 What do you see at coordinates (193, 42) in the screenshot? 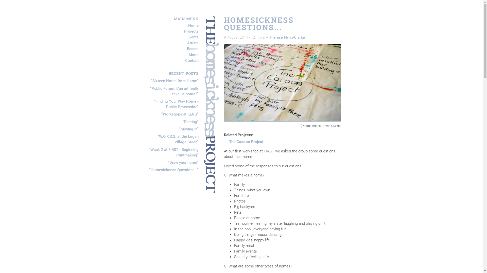
I see `'Artists'` at bounding box center [193, 42].